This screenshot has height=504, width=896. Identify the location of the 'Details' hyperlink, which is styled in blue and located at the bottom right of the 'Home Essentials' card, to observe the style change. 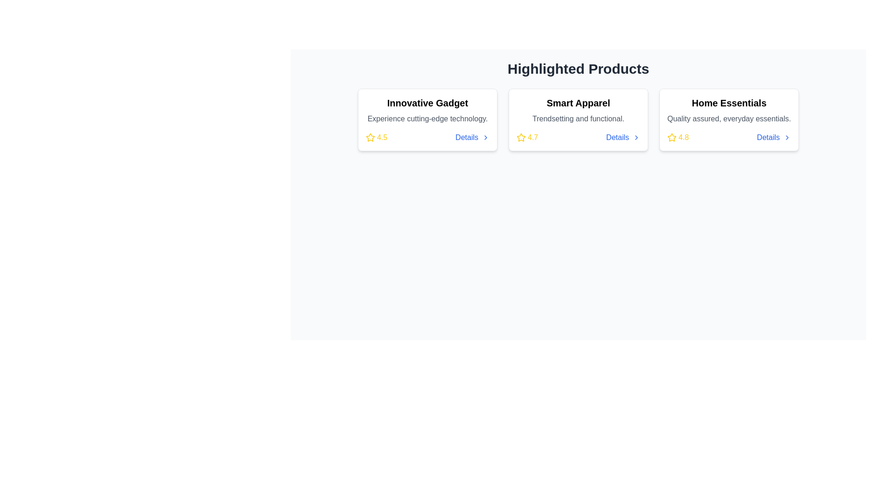
(768, 137).